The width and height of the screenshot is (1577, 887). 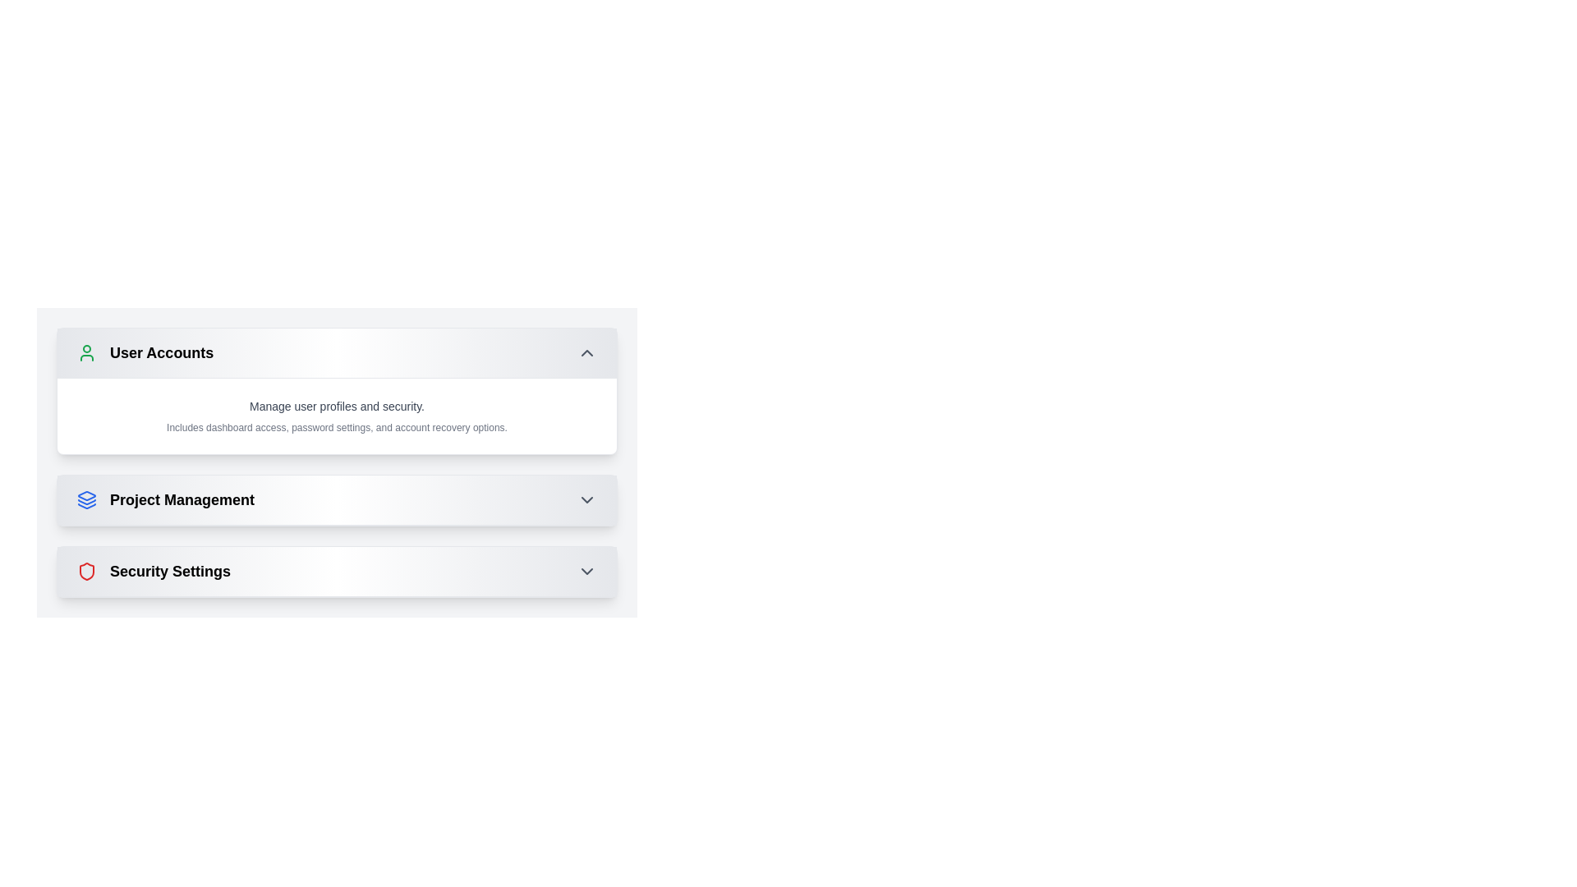 What do you see at coordinates (85, 570) in the screenshot?
I see `the security icon positioned to the far left of the 'Security Settings' section, immediately before the section title` at bounding box center [85, 570].